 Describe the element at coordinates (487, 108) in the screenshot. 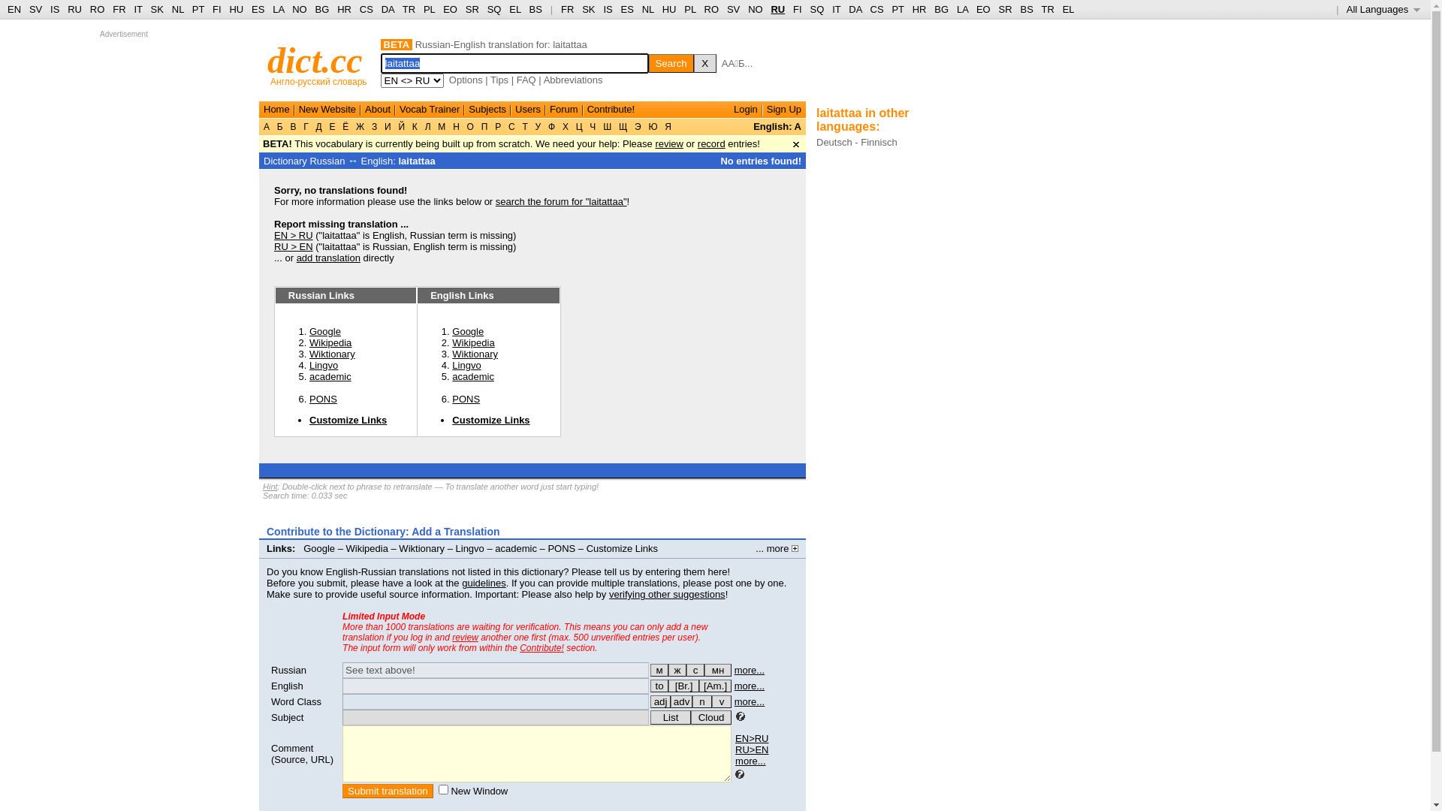

I see `'Subjects'` at that location.